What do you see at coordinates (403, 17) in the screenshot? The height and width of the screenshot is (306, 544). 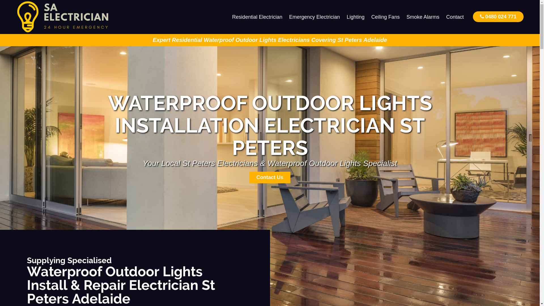 I see `'Smoke Alarms'` at bounding box center [403, 17].